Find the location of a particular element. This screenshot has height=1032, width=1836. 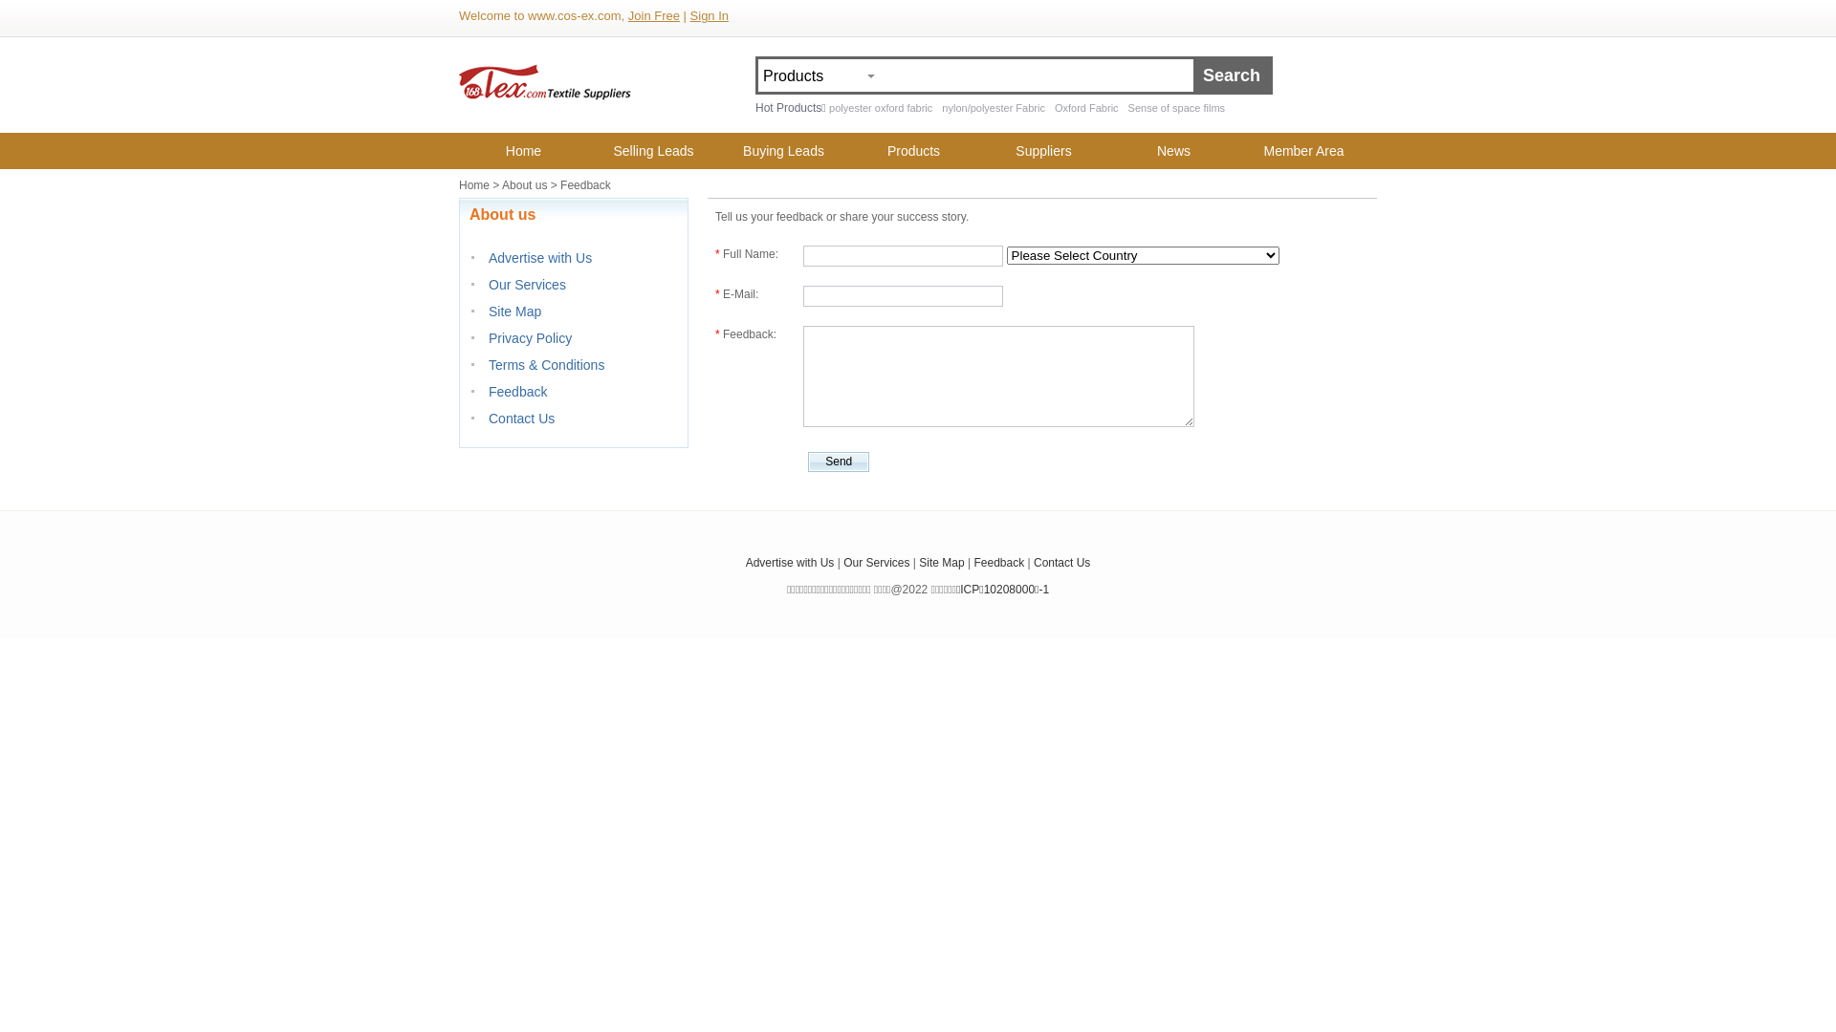

'Contact Us' is located at coordinates (521, 418).